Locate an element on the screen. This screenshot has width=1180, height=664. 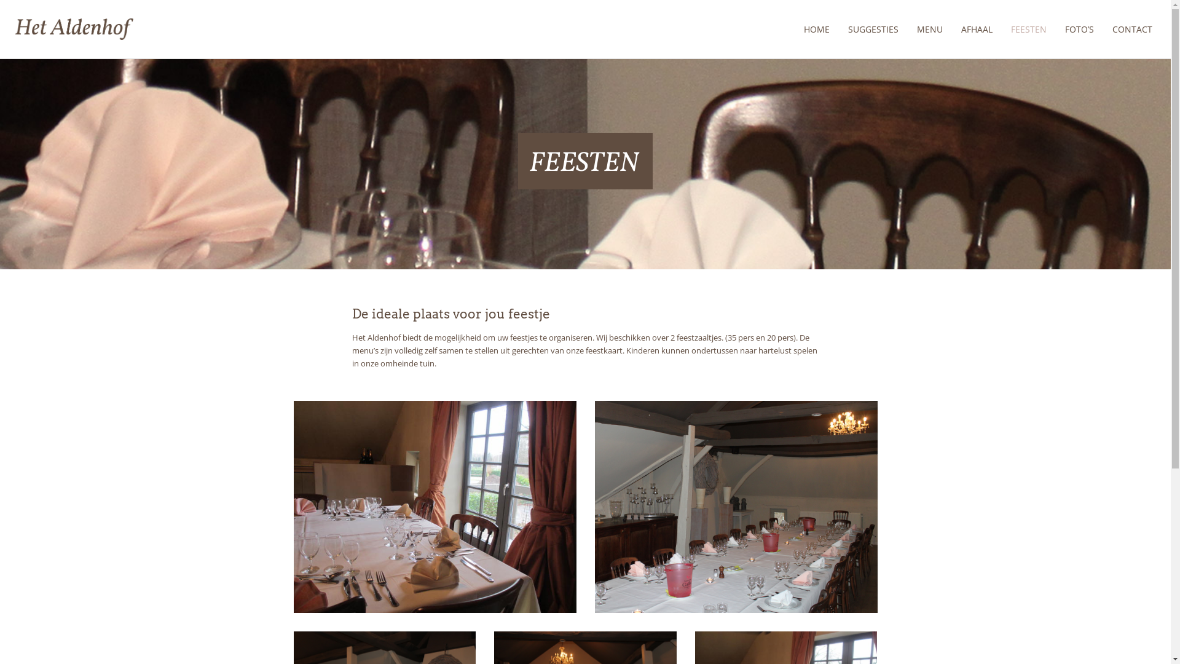
'AFHAAL' is located at coordinates (976, 28).